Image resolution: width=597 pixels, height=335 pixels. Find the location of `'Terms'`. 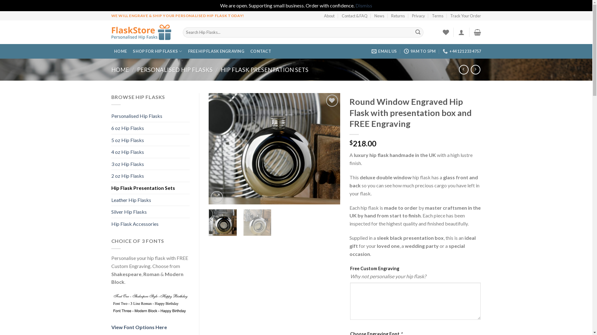

'Terms' is located at coordinates (437, 15).